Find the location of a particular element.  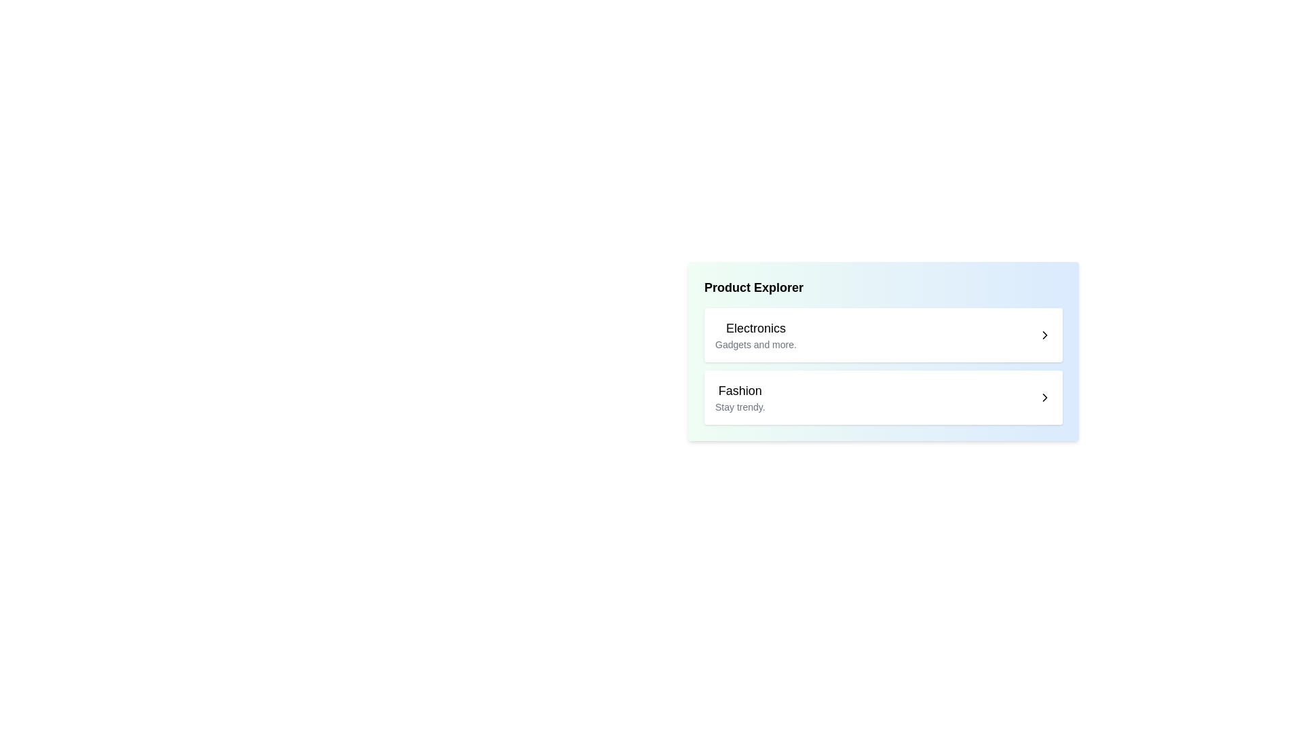

text from the Text block labeled 'Electronics' and 'Gadgets and more.' which emphasizes hierarchy using font size and weight is located at coordinates (755, 335).